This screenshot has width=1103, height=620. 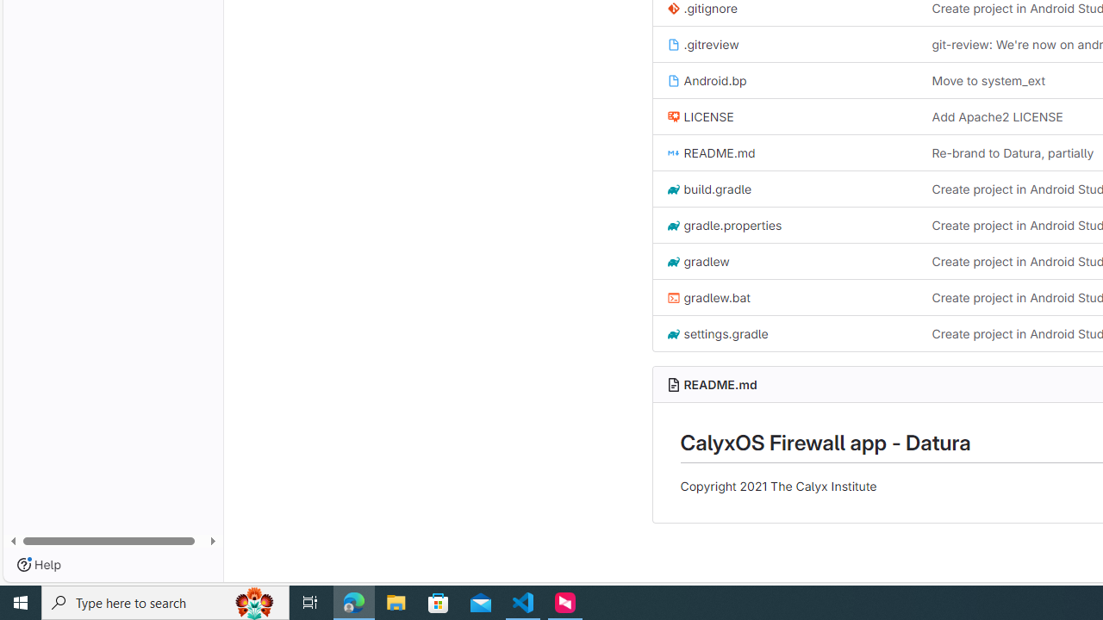 I want to click on 'Add Apache2 LICENSE', so click(x=997, y=116).